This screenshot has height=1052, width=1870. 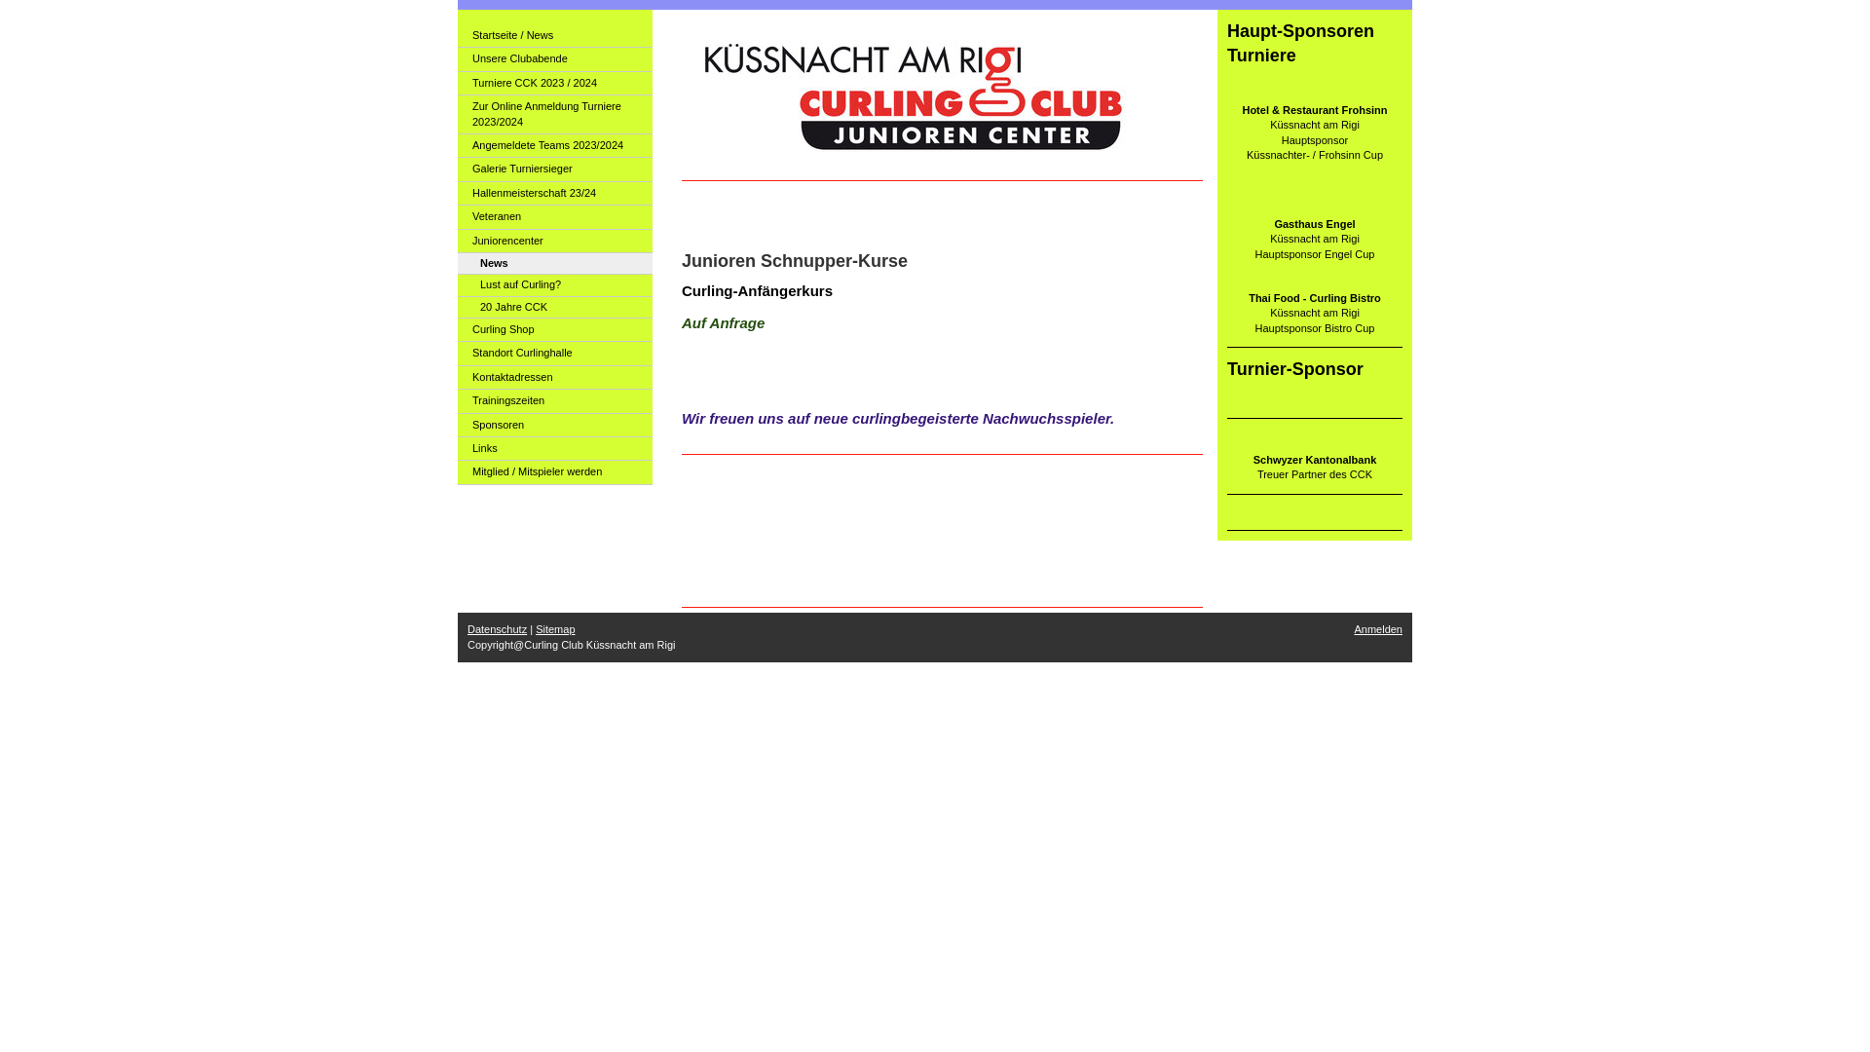 I want to click on 'Juniorencenter', so click(x=554, y=240).